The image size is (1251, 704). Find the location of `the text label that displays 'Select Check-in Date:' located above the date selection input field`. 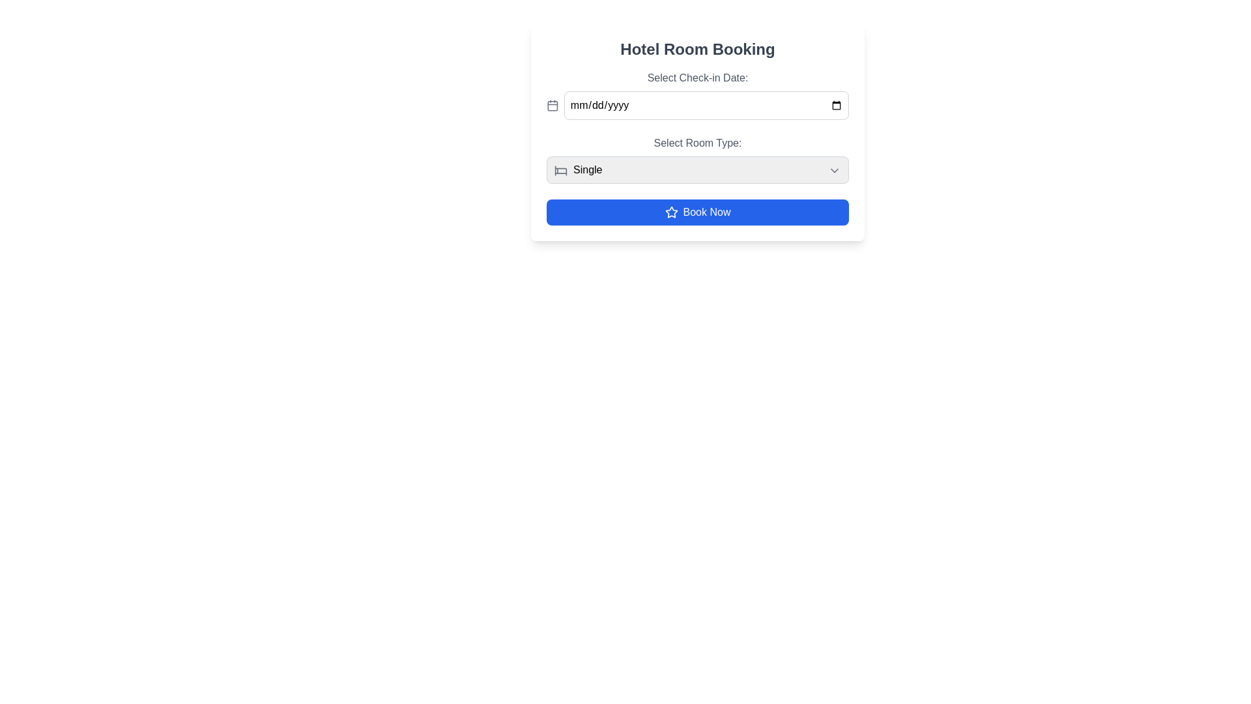

the text label that displays 'Select Check-in Date:' located above the date selection input field is located at coordinates (697, 78).